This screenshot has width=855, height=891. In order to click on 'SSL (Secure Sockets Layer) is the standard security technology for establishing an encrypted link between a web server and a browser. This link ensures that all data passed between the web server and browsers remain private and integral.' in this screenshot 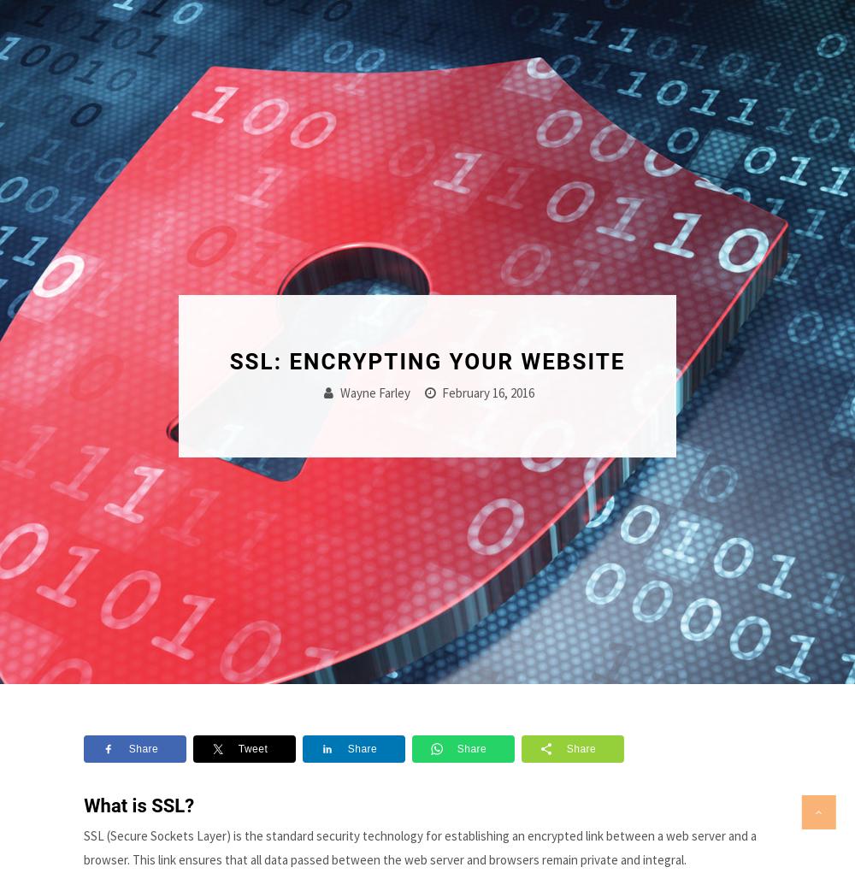, I will do `click(419, 847)`.